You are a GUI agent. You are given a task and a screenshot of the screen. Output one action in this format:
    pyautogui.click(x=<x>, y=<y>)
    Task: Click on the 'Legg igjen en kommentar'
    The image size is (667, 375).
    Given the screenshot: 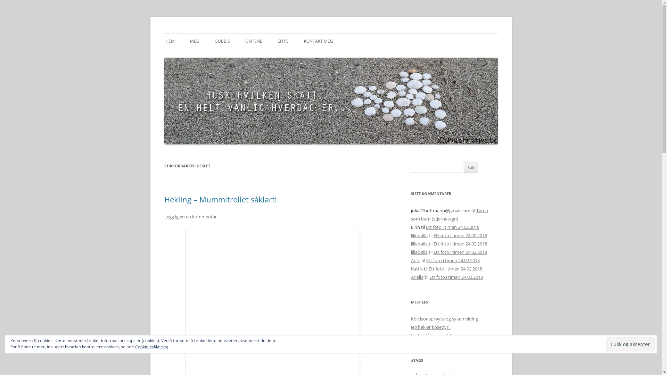 What is the action you would take?
    pyautogui.click(x=190, y=216)
    